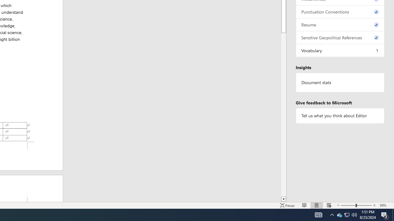 The image size is (394, 221). Describe the element at coordinates (340, 24) in the screenshot. I see `'Resume, 0 issues. Press space or enter to review items.'` at that location.